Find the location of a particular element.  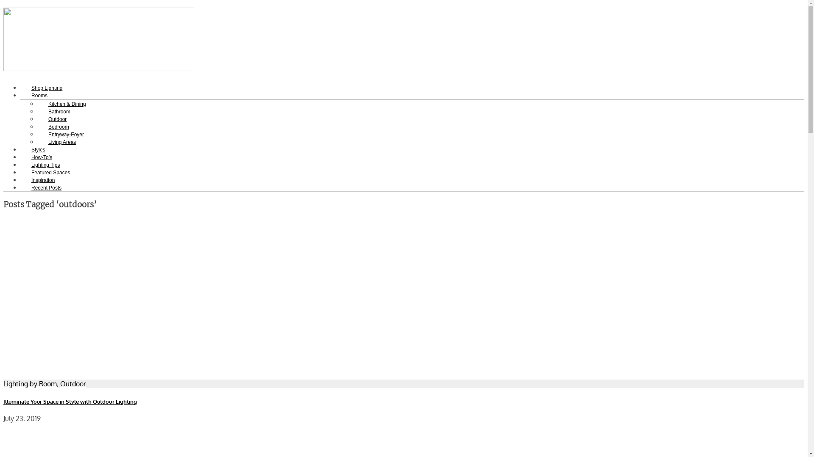

'Recent Posts' is located at coordinates (46, 187).